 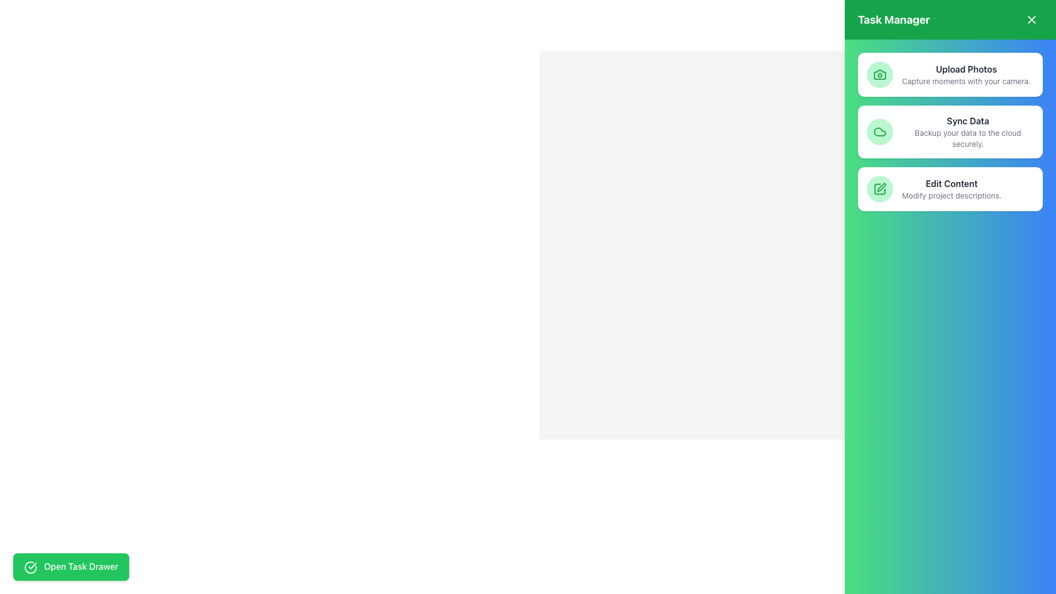 What do you see at coordinates (951, 188) in the screenshot?
I see `text from the Informational Text Block that contains 'Edit Content' and 'Modify project descriptions.' located in the right-hand panel below the 'Sync Data' card` at bounding box center [951, 188].